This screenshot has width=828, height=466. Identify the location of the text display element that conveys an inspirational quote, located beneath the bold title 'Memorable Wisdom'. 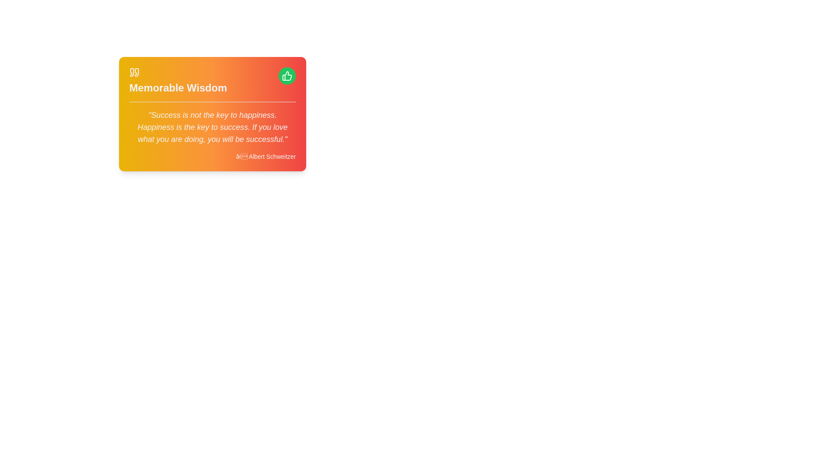
(213, 127).